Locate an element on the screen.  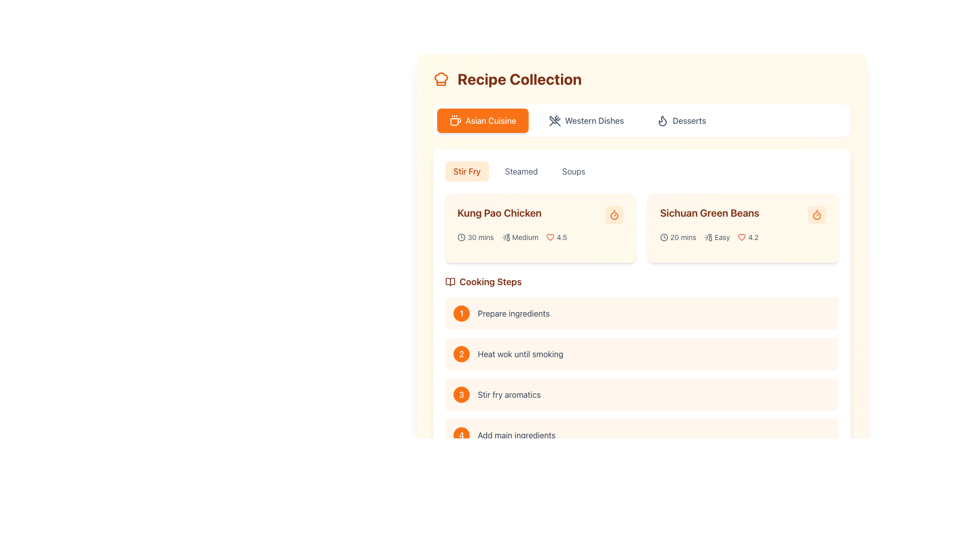
the thermometer-shaped icon with sun-related design details, located adjacent to the 'Medium' text label for 'Kung Pao Chicken' is located at coordinates (506, 237).